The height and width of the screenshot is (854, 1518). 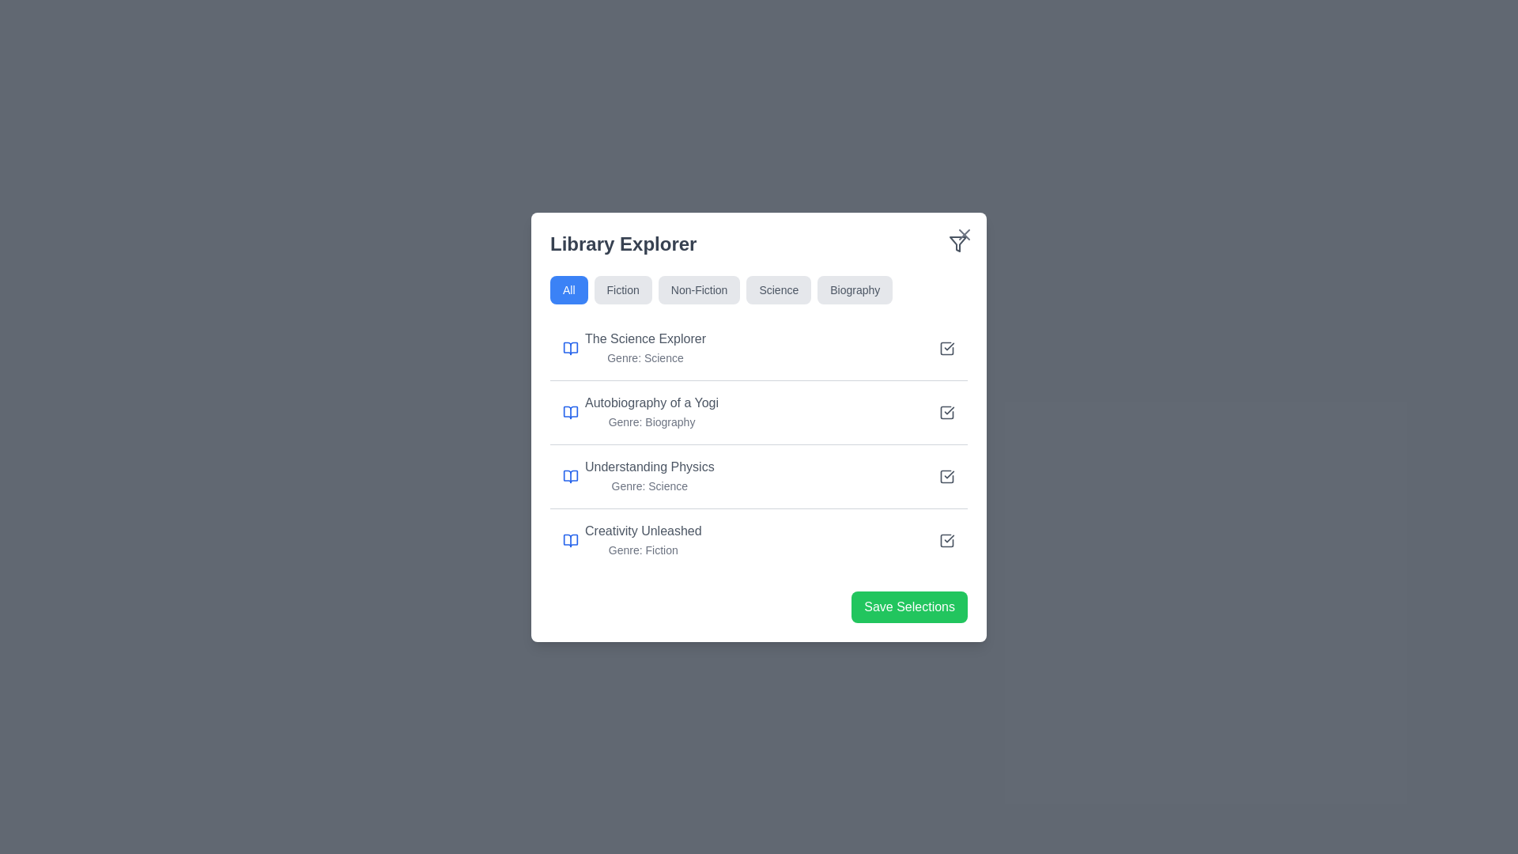 What do you see at coordinates (645, 347) in the screenshot?
I see `the text label displaying 'The Science Explorer' and 'Genre: Science', which is the first item in the Library Explorer list, located below the filter buttons` at bounding box center [645, 347].